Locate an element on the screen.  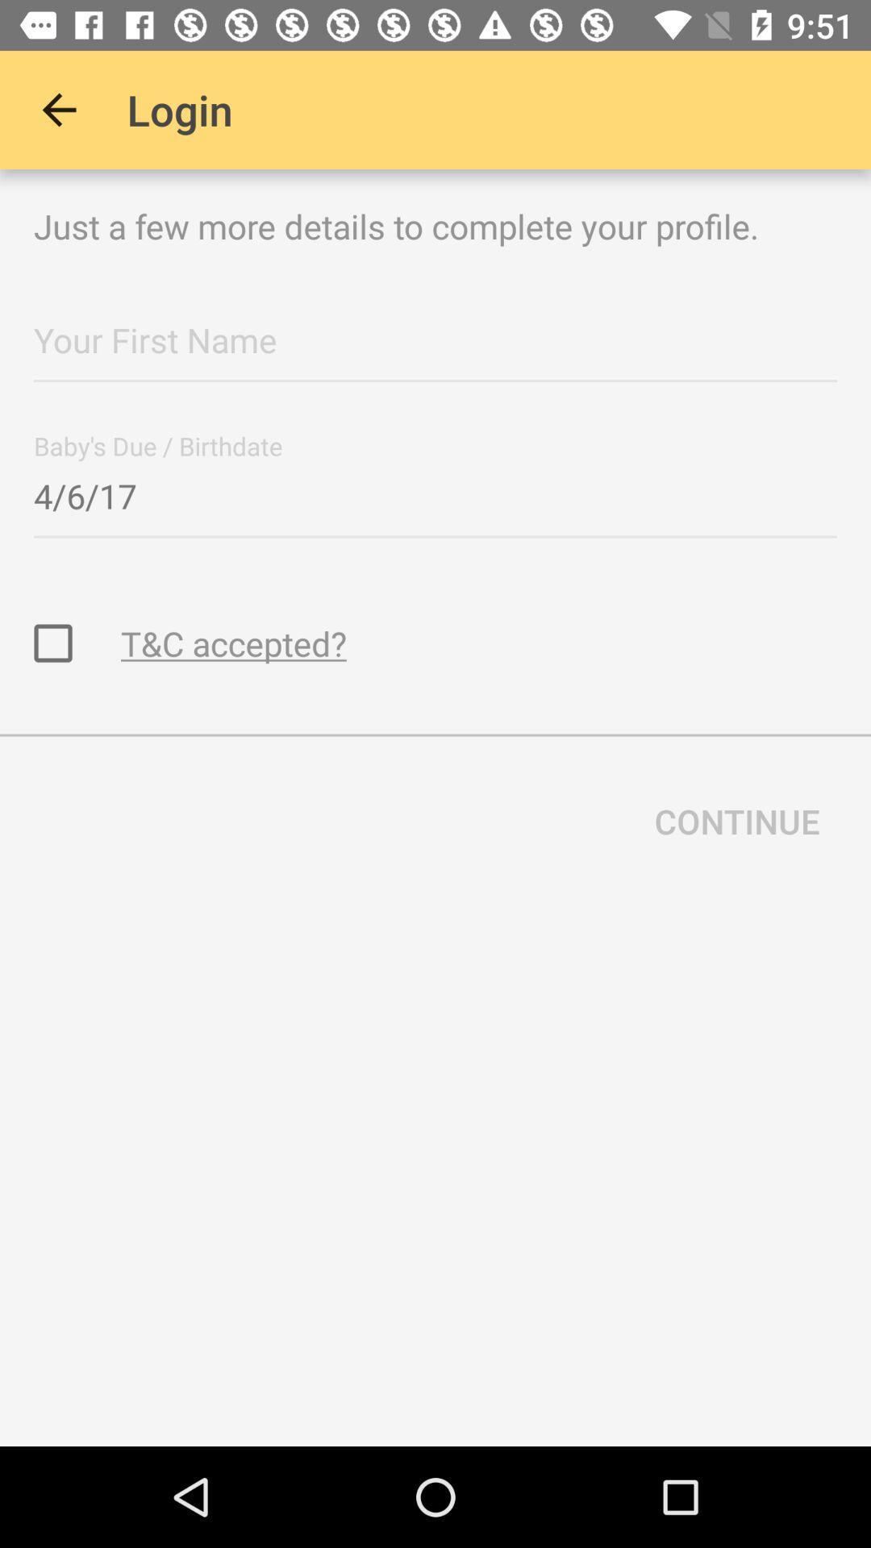
app next to the login is located at coordinates (58, 109).